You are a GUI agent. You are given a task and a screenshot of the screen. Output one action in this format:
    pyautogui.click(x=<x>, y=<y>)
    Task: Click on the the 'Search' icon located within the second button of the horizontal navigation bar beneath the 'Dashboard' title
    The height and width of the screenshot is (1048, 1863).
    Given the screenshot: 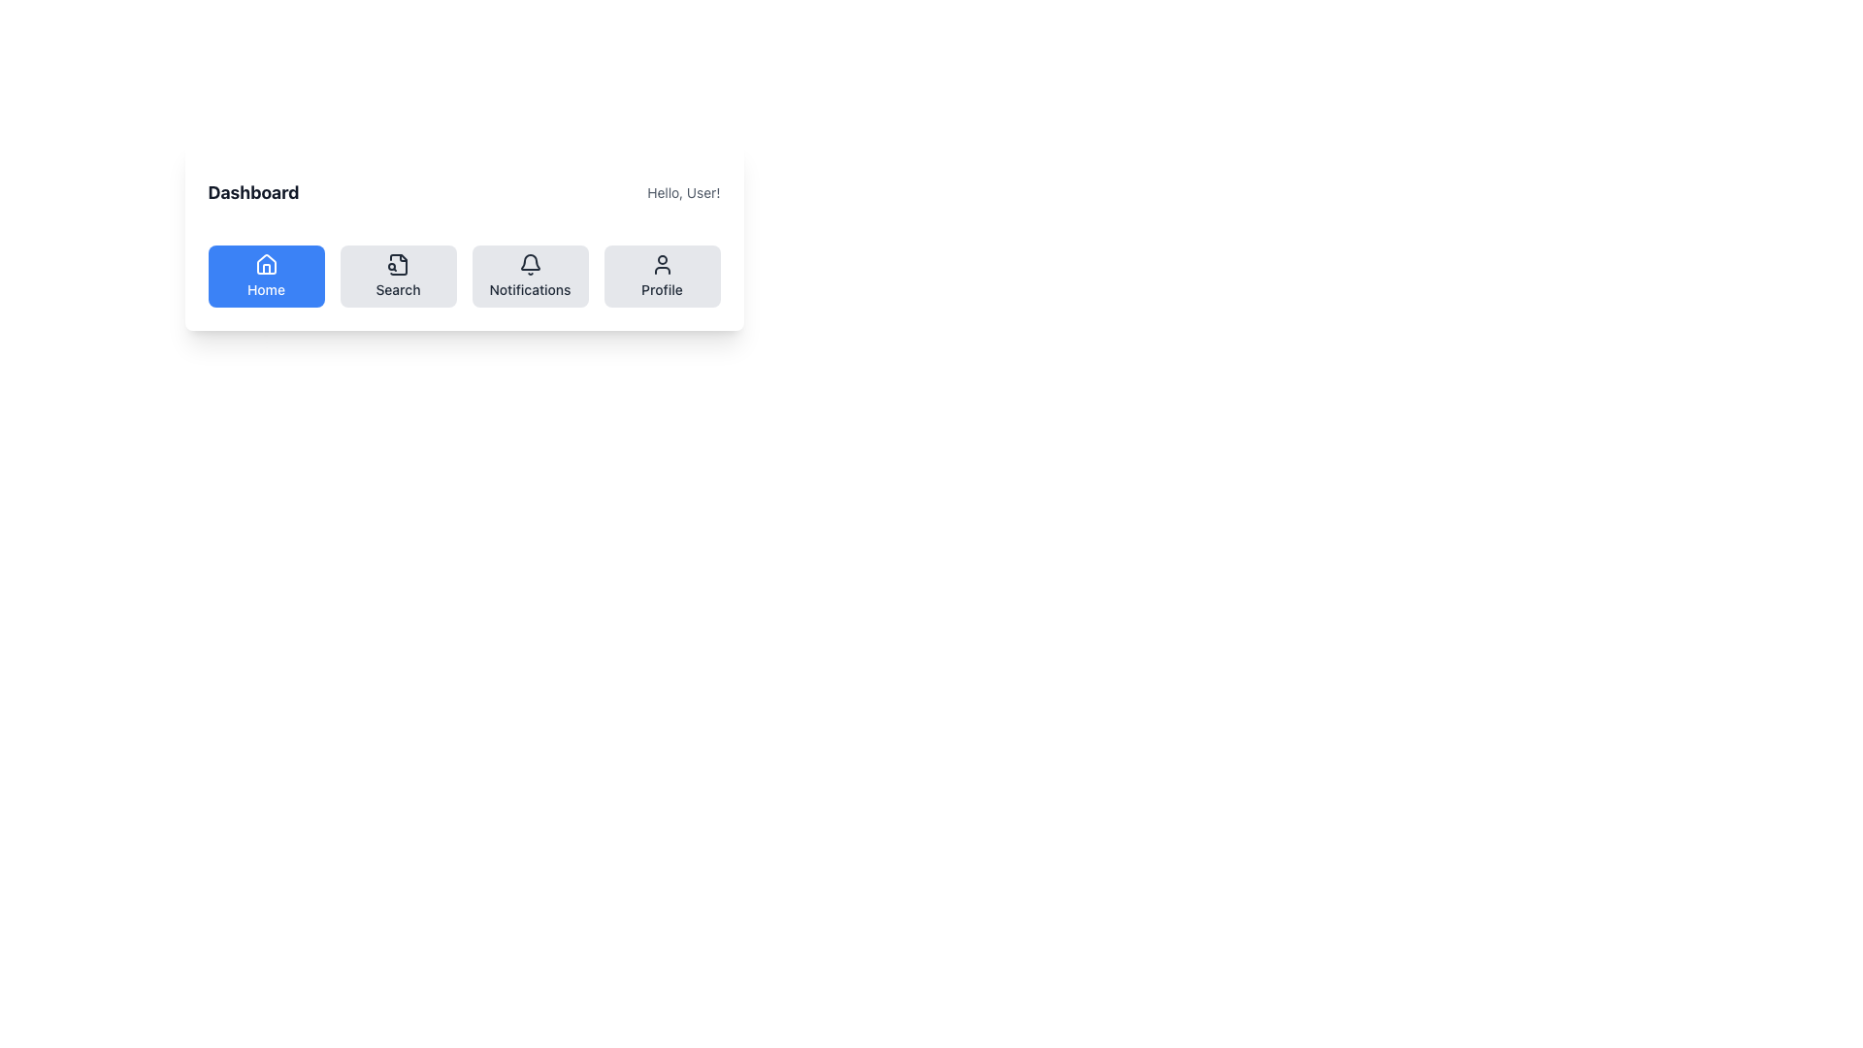 What is the action you would take?
    pyautogui.click(x=397, y=265)
    